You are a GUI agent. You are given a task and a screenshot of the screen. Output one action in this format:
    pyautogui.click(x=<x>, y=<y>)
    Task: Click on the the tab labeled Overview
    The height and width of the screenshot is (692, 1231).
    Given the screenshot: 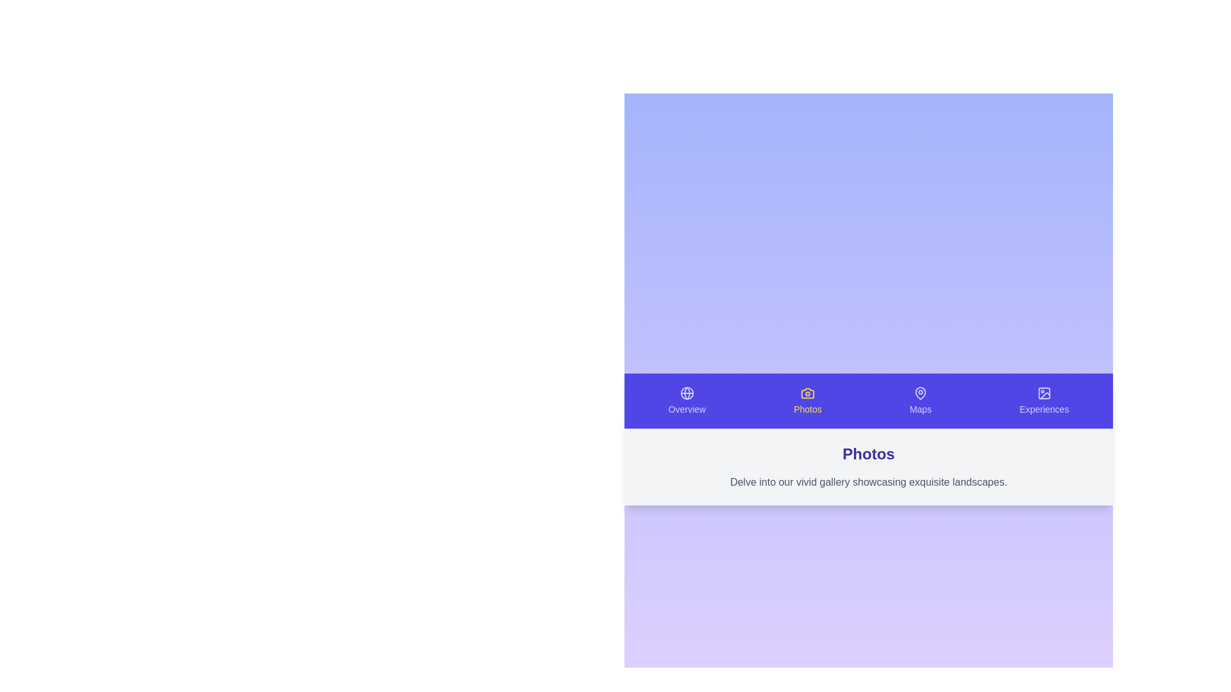 What is the action you would take?
    pyautogui.click(x=686, y=400)
    